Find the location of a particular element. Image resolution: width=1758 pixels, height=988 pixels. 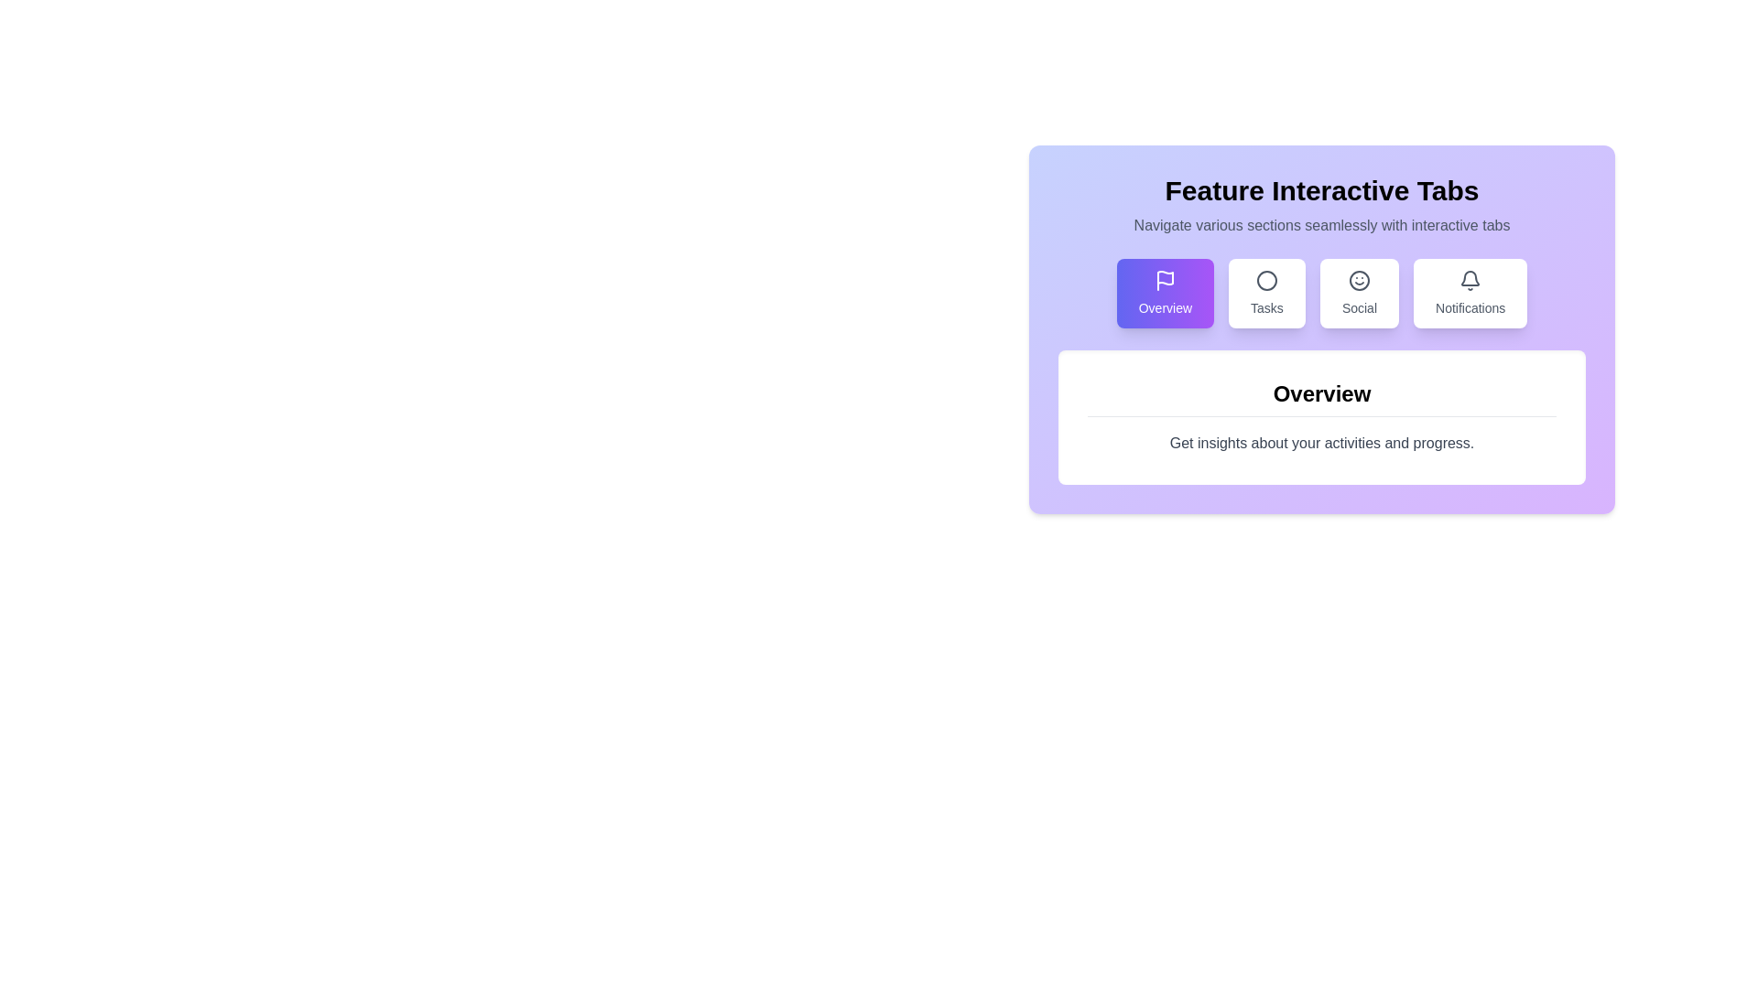

the rounded rectangle button with a white background labeled 'Tasks' is located at coordinates (1265, 292).